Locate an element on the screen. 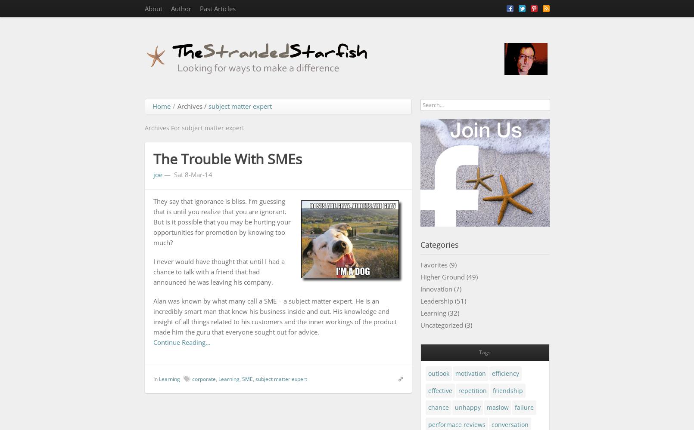 Image resolution: width=694 pixels, height=430 pixels. 'Continue Reading…' is located at coordinates (181, 342).